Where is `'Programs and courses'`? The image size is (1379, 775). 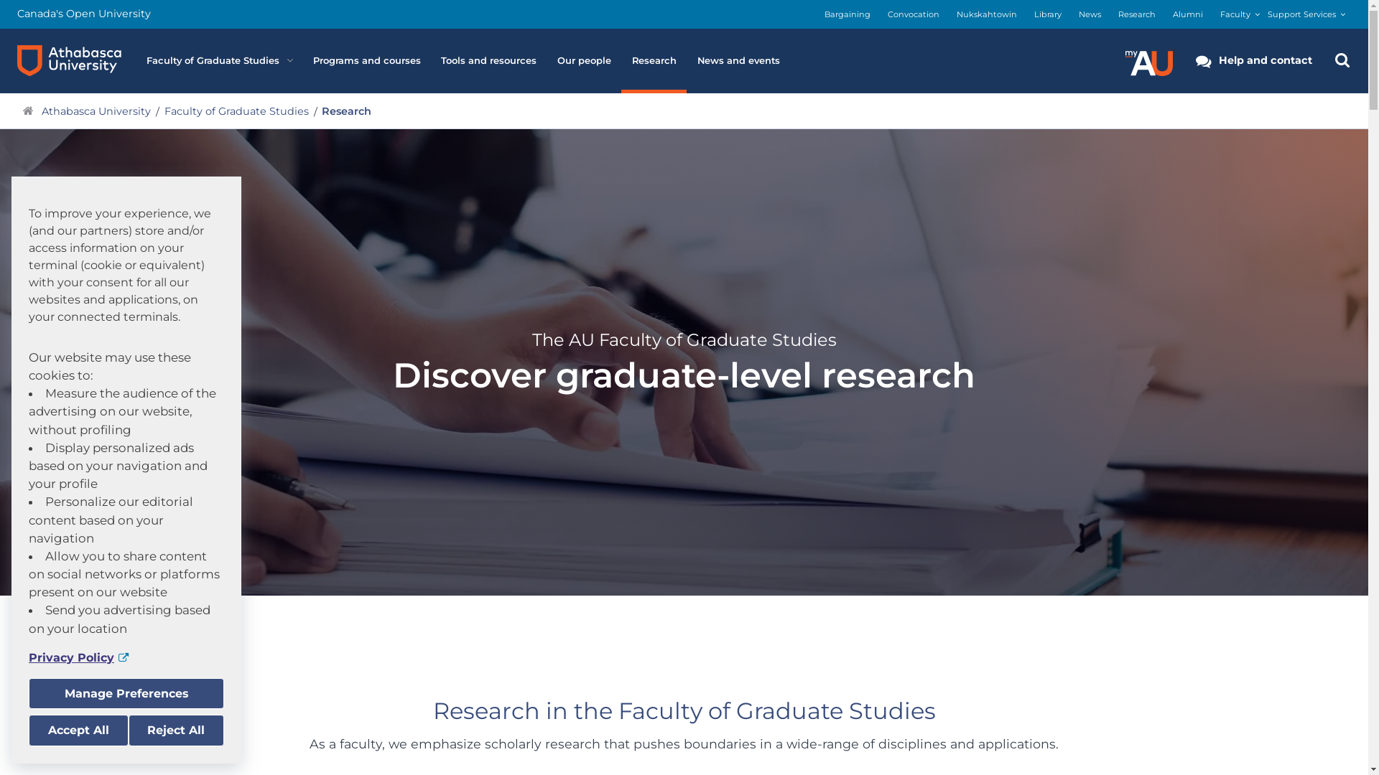
'Programs and courses' is located at coordinates (366, 60).